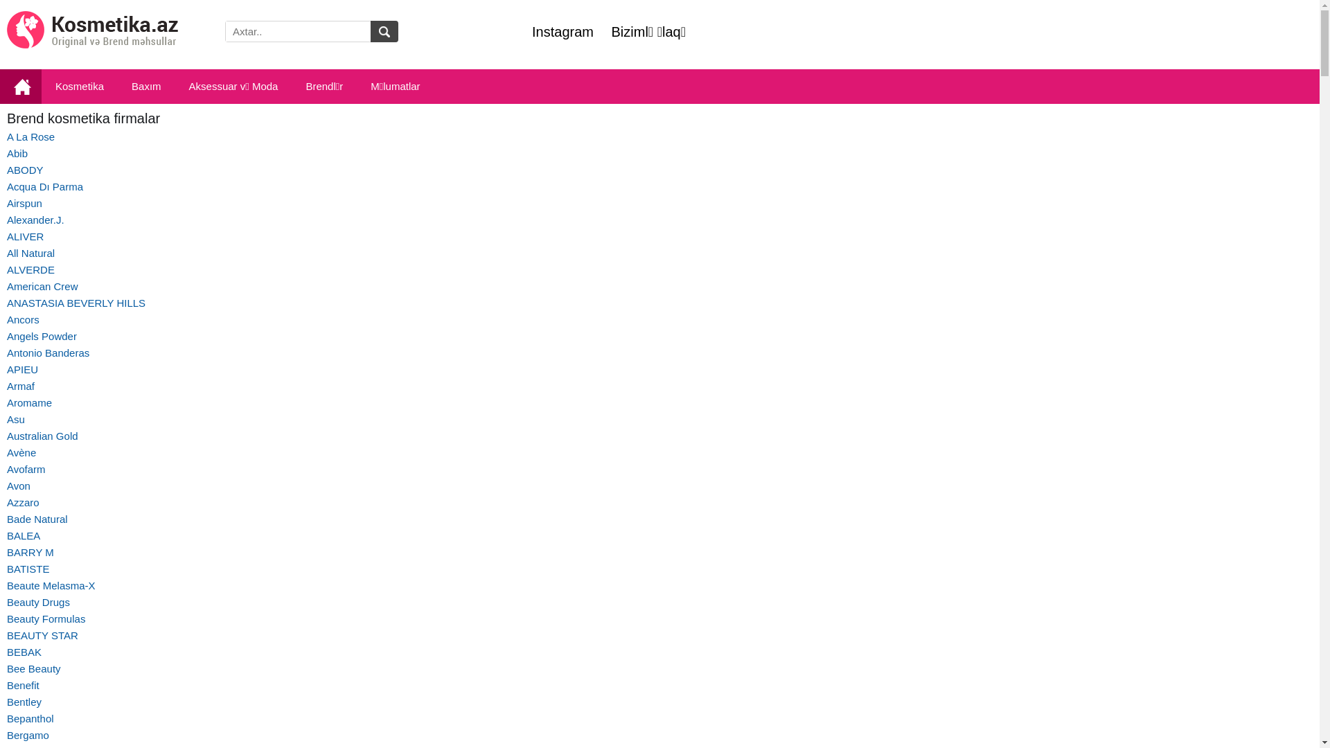  What do you see at coordinates (23, 535) in the screenshot?
I see `'BALEA'` at bounding box center [23, 535].